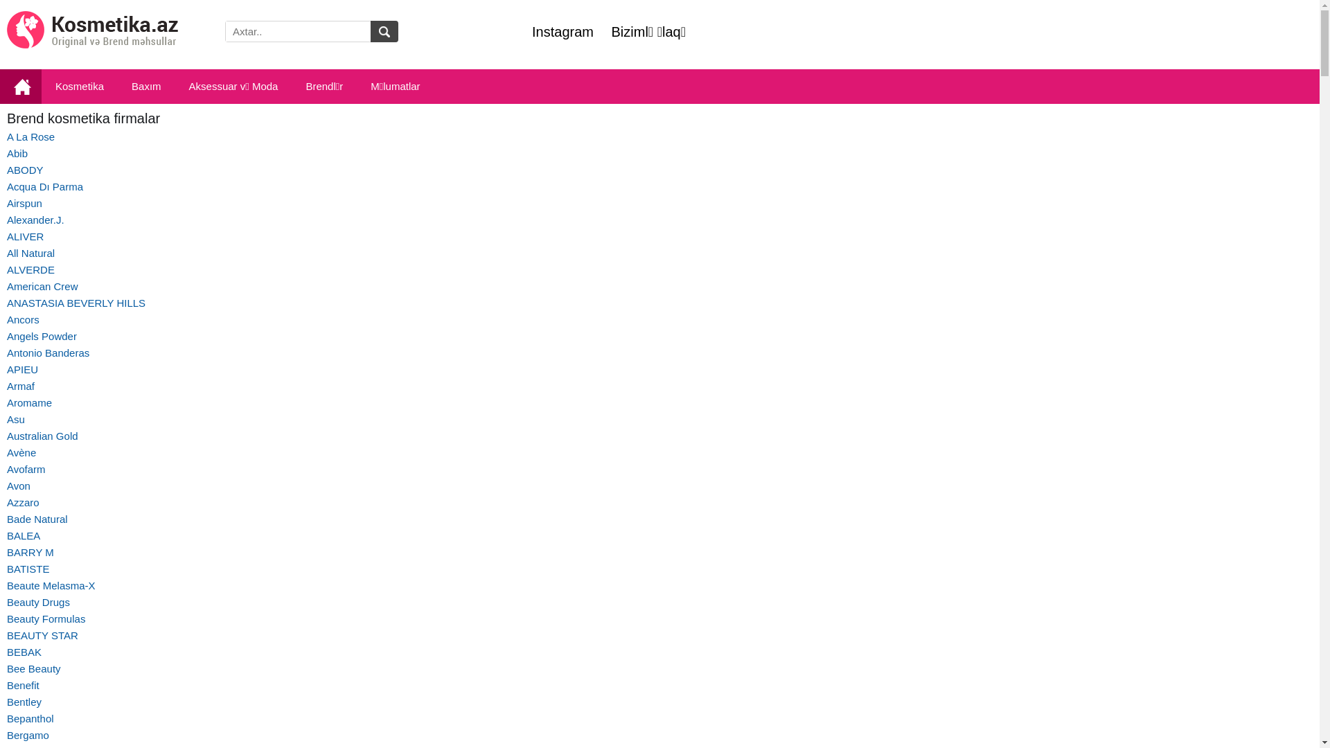  What do you see at coordinates (23, 535) in the screenshot?
I see `'BALEA'` at bounding box center [23, 535].